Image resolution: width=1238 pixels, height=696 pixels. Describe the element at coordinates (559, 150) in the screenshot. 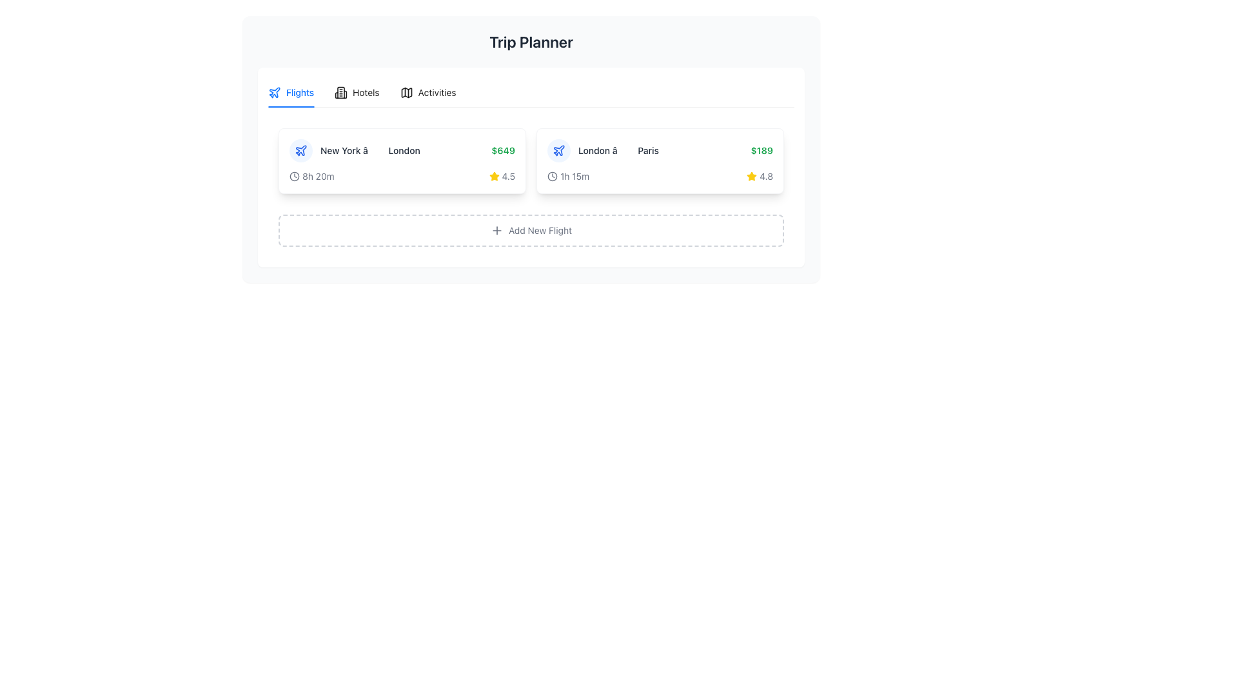

I see `the blue airplane SVG icon located at the far right within a row, centered in a card-like structure` at that location.